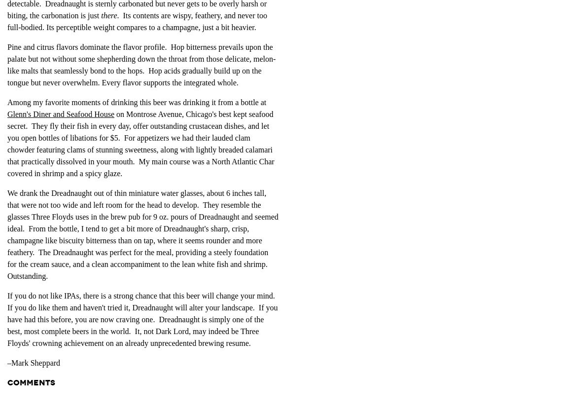 This screenshot has height=414, width=562. What do you see at coordinates (136, 102) in the screenshot?
I see `'Among my favorite moments of drinking this beer was drinking it from a bottle at'` at bounding box center [136, 102].